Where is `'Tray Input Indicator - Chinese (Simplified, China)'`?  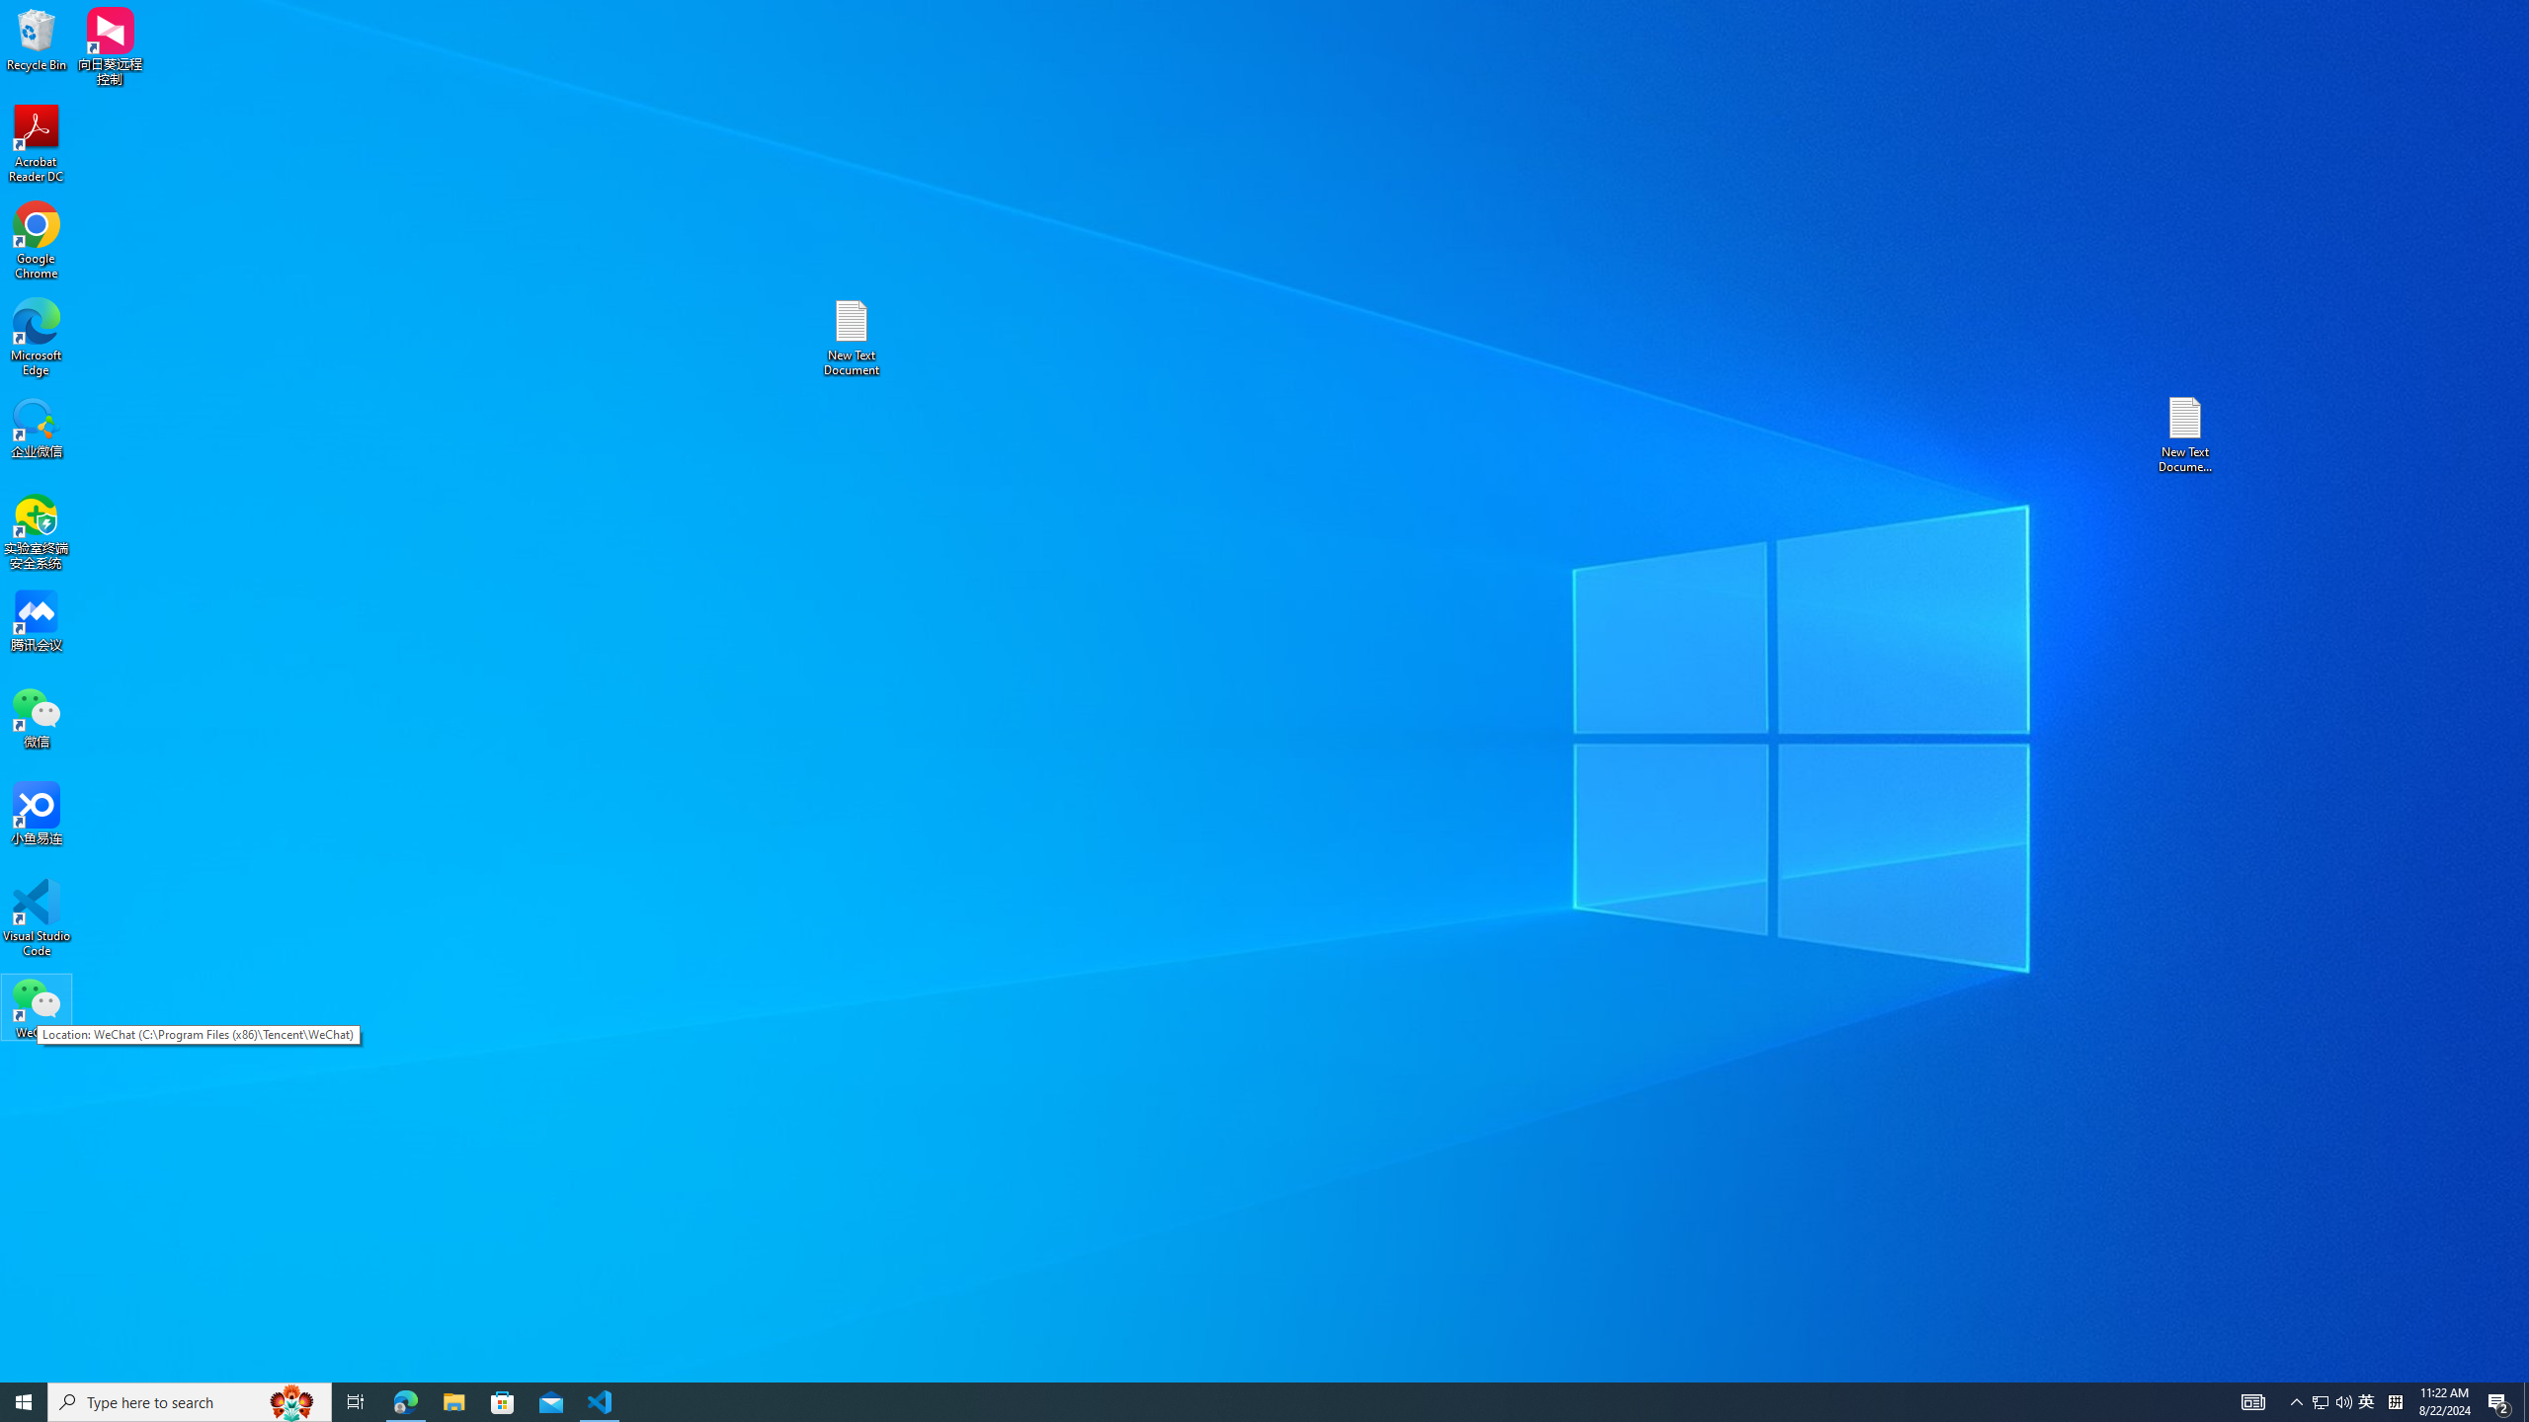
'Tray Input Indicator - Chinese (Simplified, China)' is located at coordinates (2395, 1400).